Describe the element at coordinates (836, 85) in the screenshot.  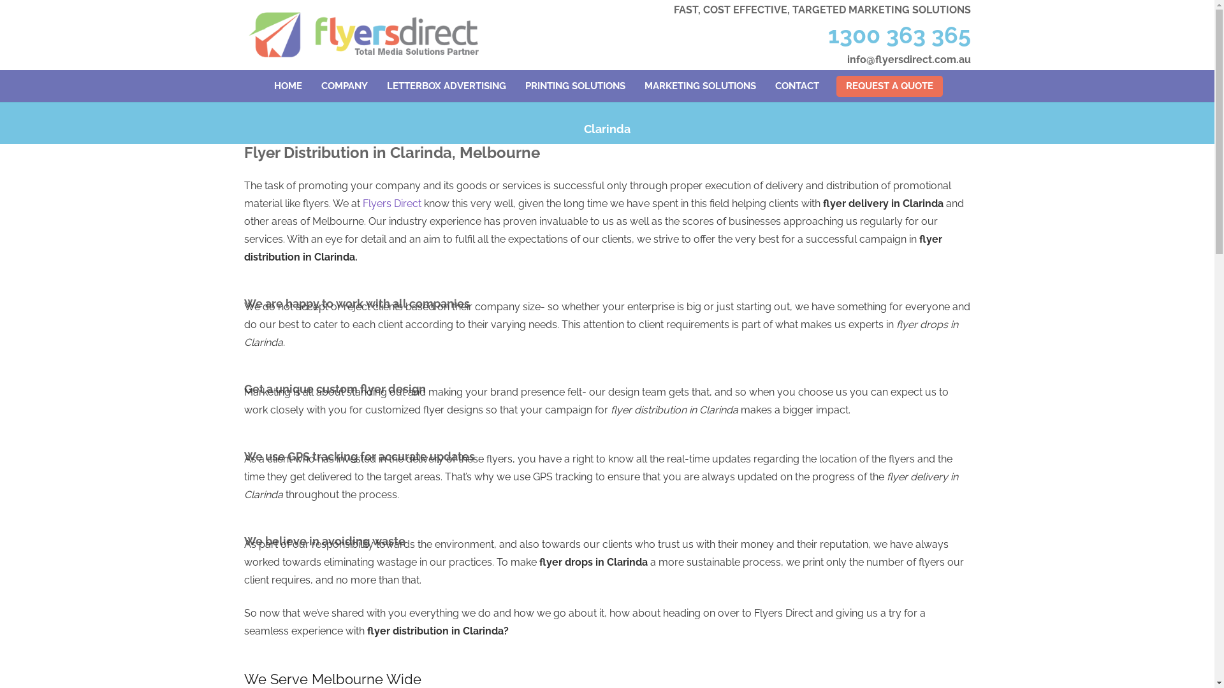
I see `'REQUEST A QUOTE'` at that location.